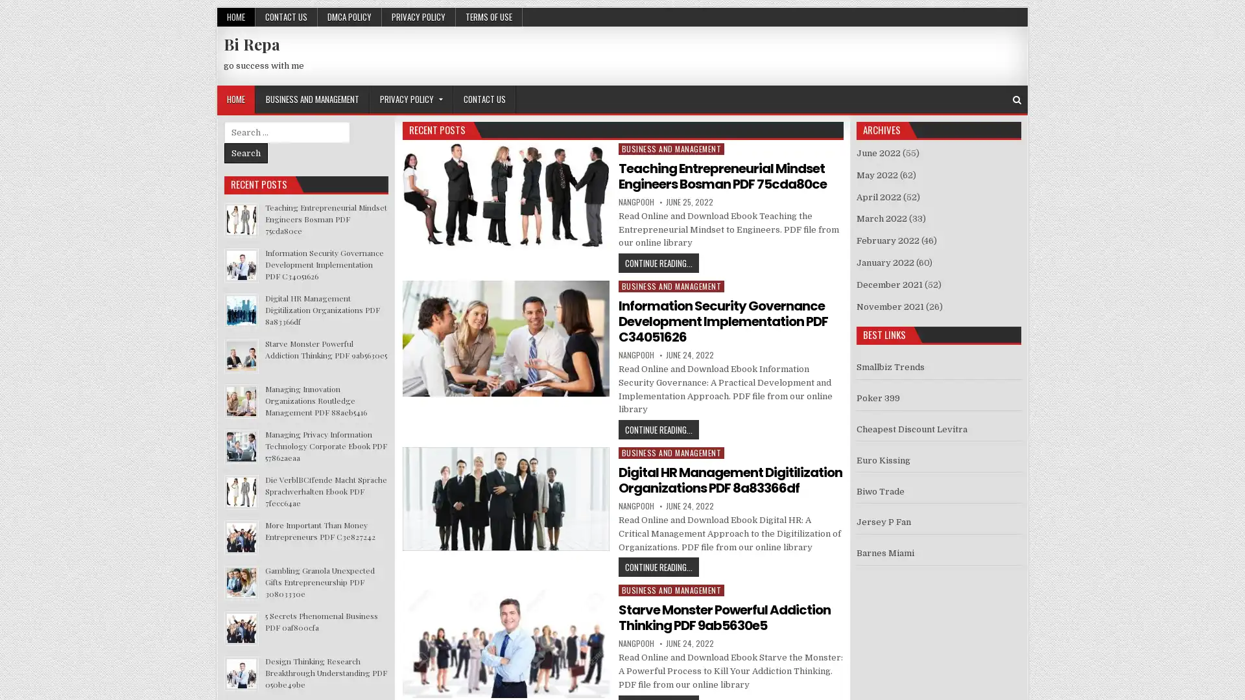  Describe the element at coordinates (245, 152) in the screenshot. I see `Search` at that location.